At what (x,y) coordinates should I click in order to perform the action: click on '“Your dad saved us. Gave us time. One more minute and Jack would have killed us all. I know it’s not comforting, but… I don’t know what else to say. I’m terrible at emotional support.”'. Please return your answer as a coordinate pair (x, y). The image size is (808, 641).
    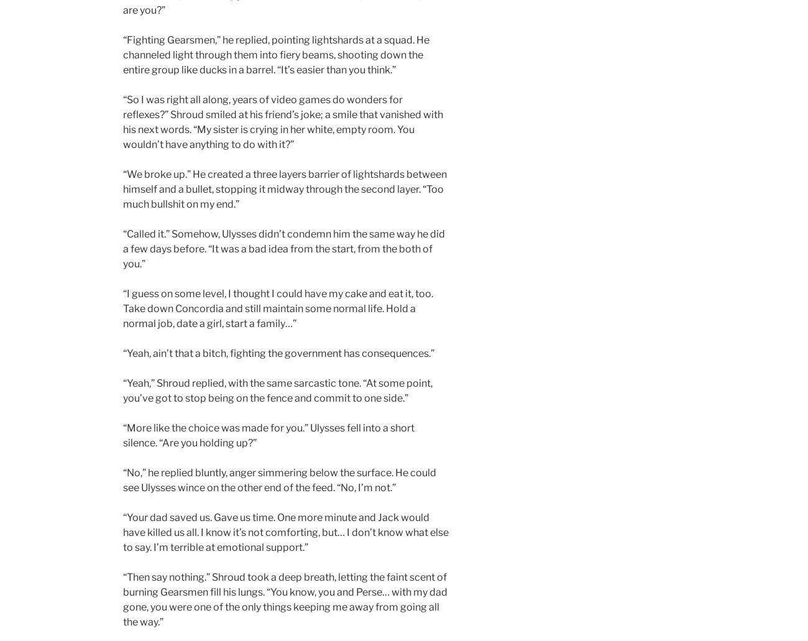
    Looking at the image, I should click on (285, 532).